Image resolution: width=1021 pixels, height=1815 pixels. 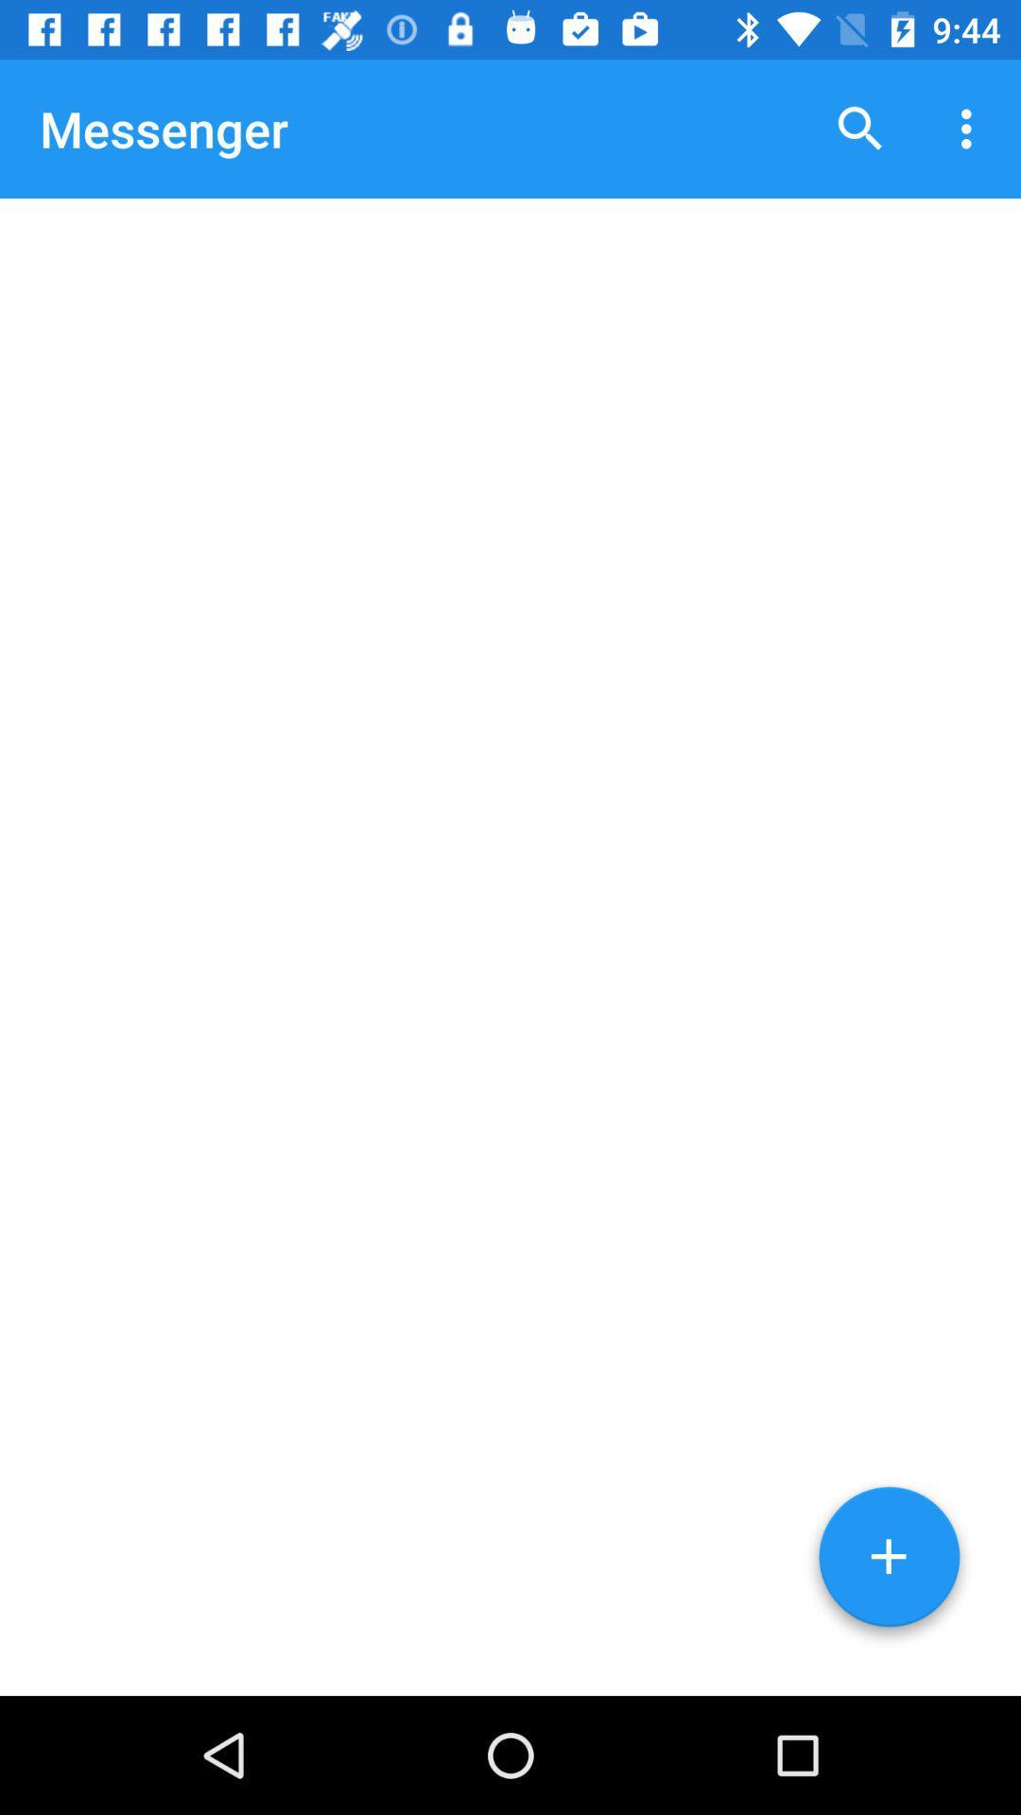 What do you see at coordinates (889, 1564) in the screenshot?
I see `start a new conversation` at bounding box center [889, 1564].